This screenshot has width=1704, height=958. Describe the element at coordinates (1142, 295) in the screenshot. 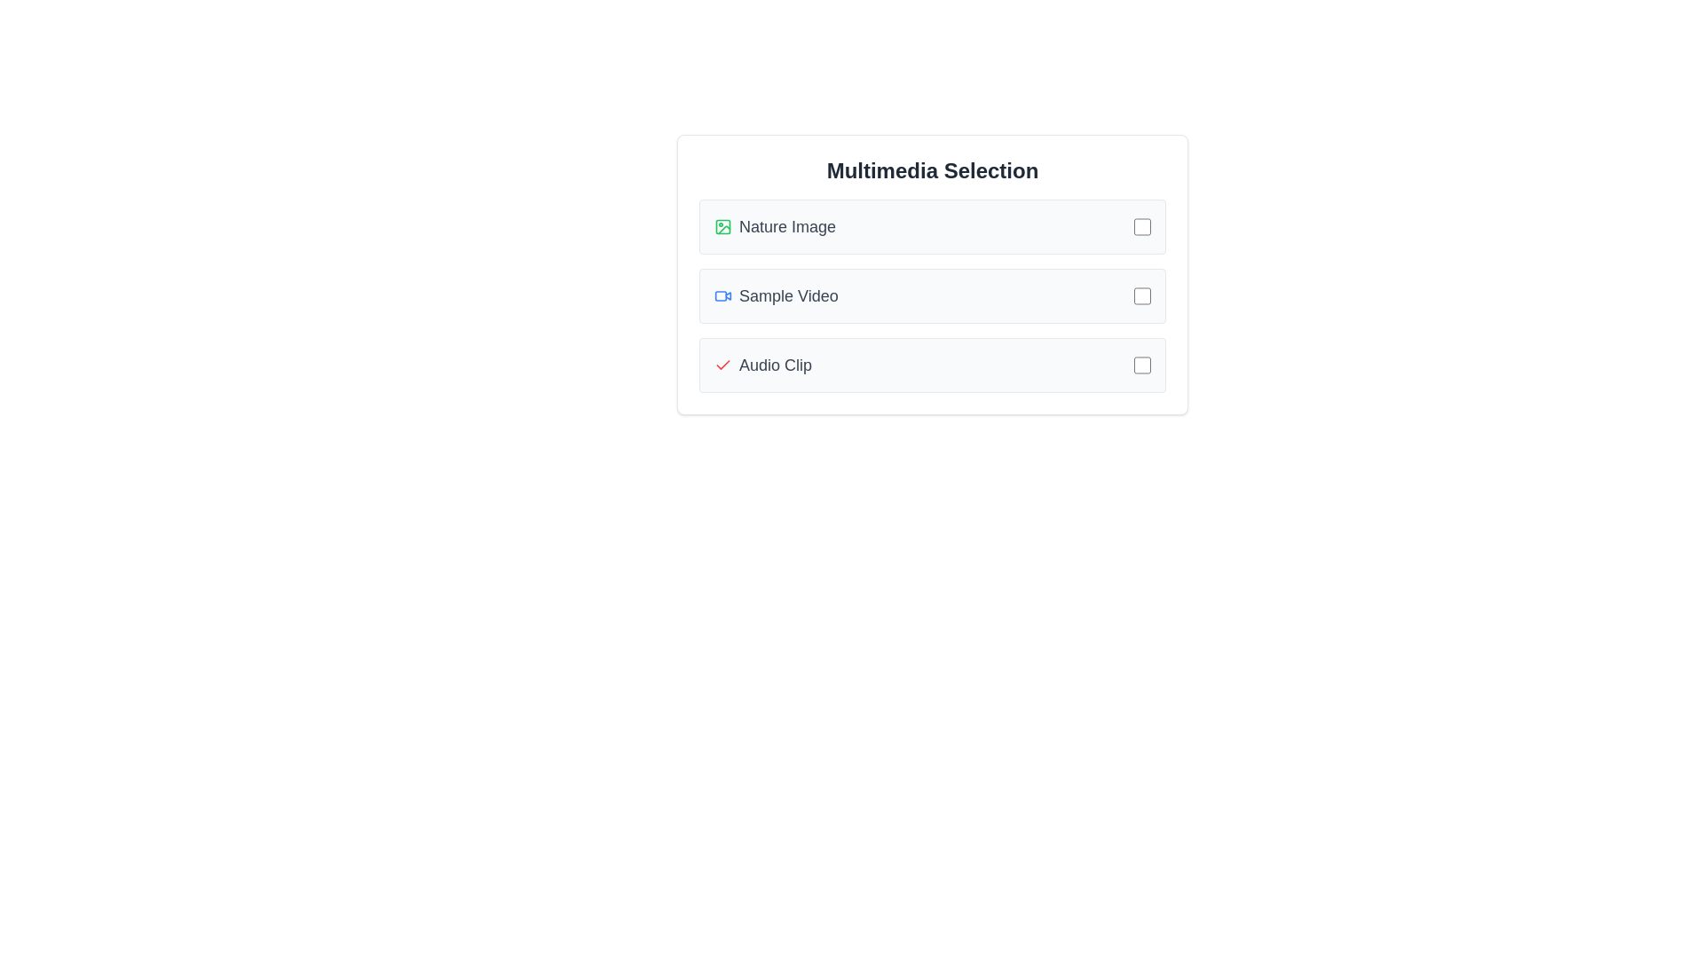

I see `the checkbox styled as a square with rounded corners, located on the far-right end of the 'Sample Video' section, aligned horizontally with the text` at that location.